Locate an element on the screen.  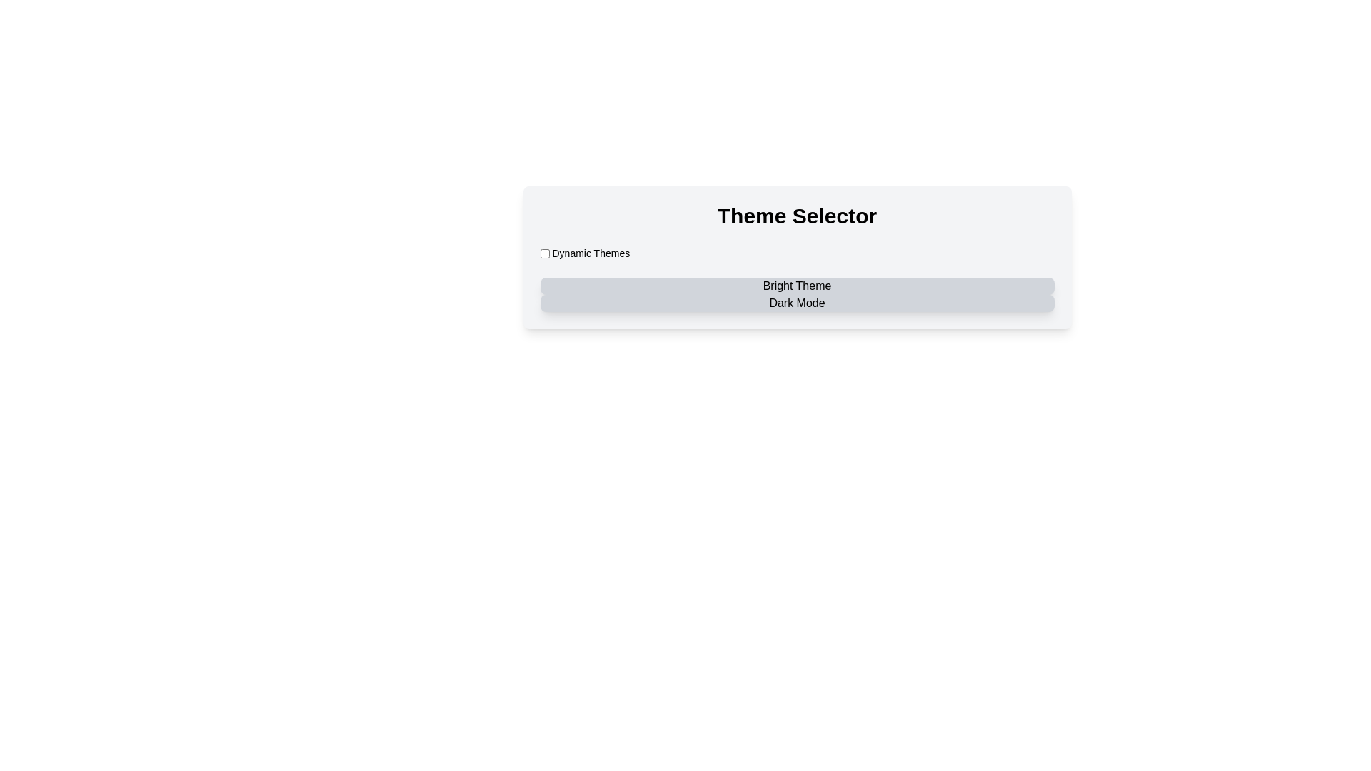
the 'Dark Mode' label or inactive button, which is positioned below the 'Bright Theme' button in the theme selection area of the application interface is located at coordinates (796, 302).